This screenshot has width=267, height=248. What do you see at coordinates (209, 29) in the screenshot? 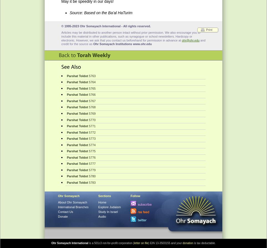
I see `'Print'` at bounding box center [209, 29].